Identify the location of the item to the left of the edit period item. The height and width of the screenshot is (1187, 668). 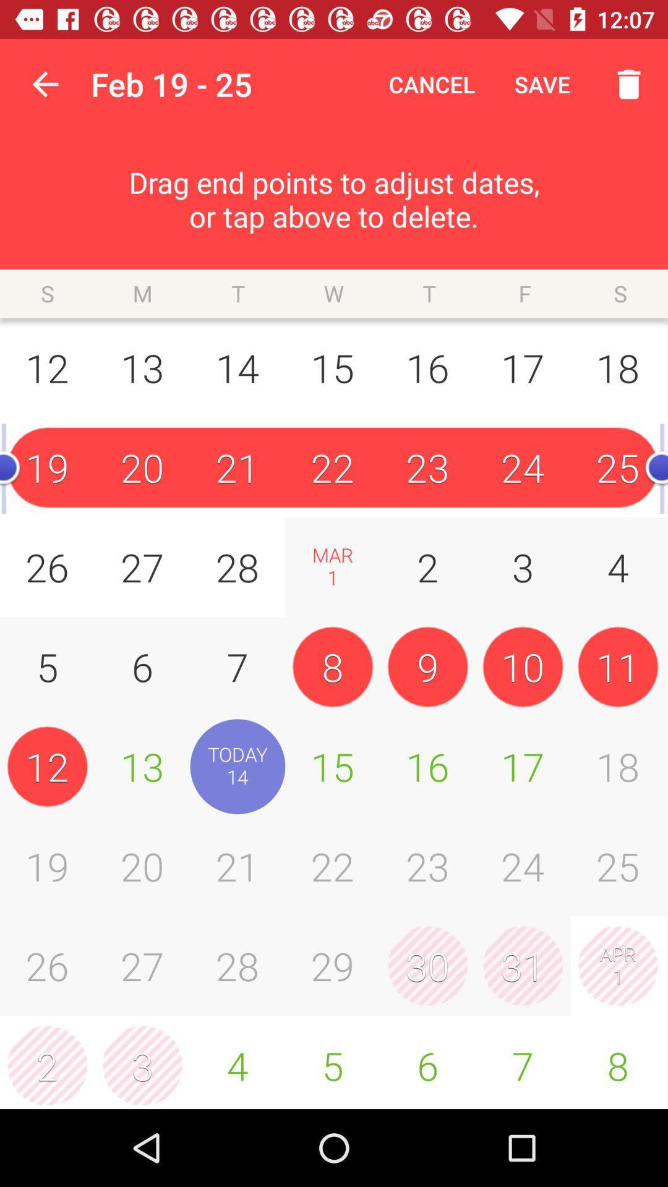
(45, 83).